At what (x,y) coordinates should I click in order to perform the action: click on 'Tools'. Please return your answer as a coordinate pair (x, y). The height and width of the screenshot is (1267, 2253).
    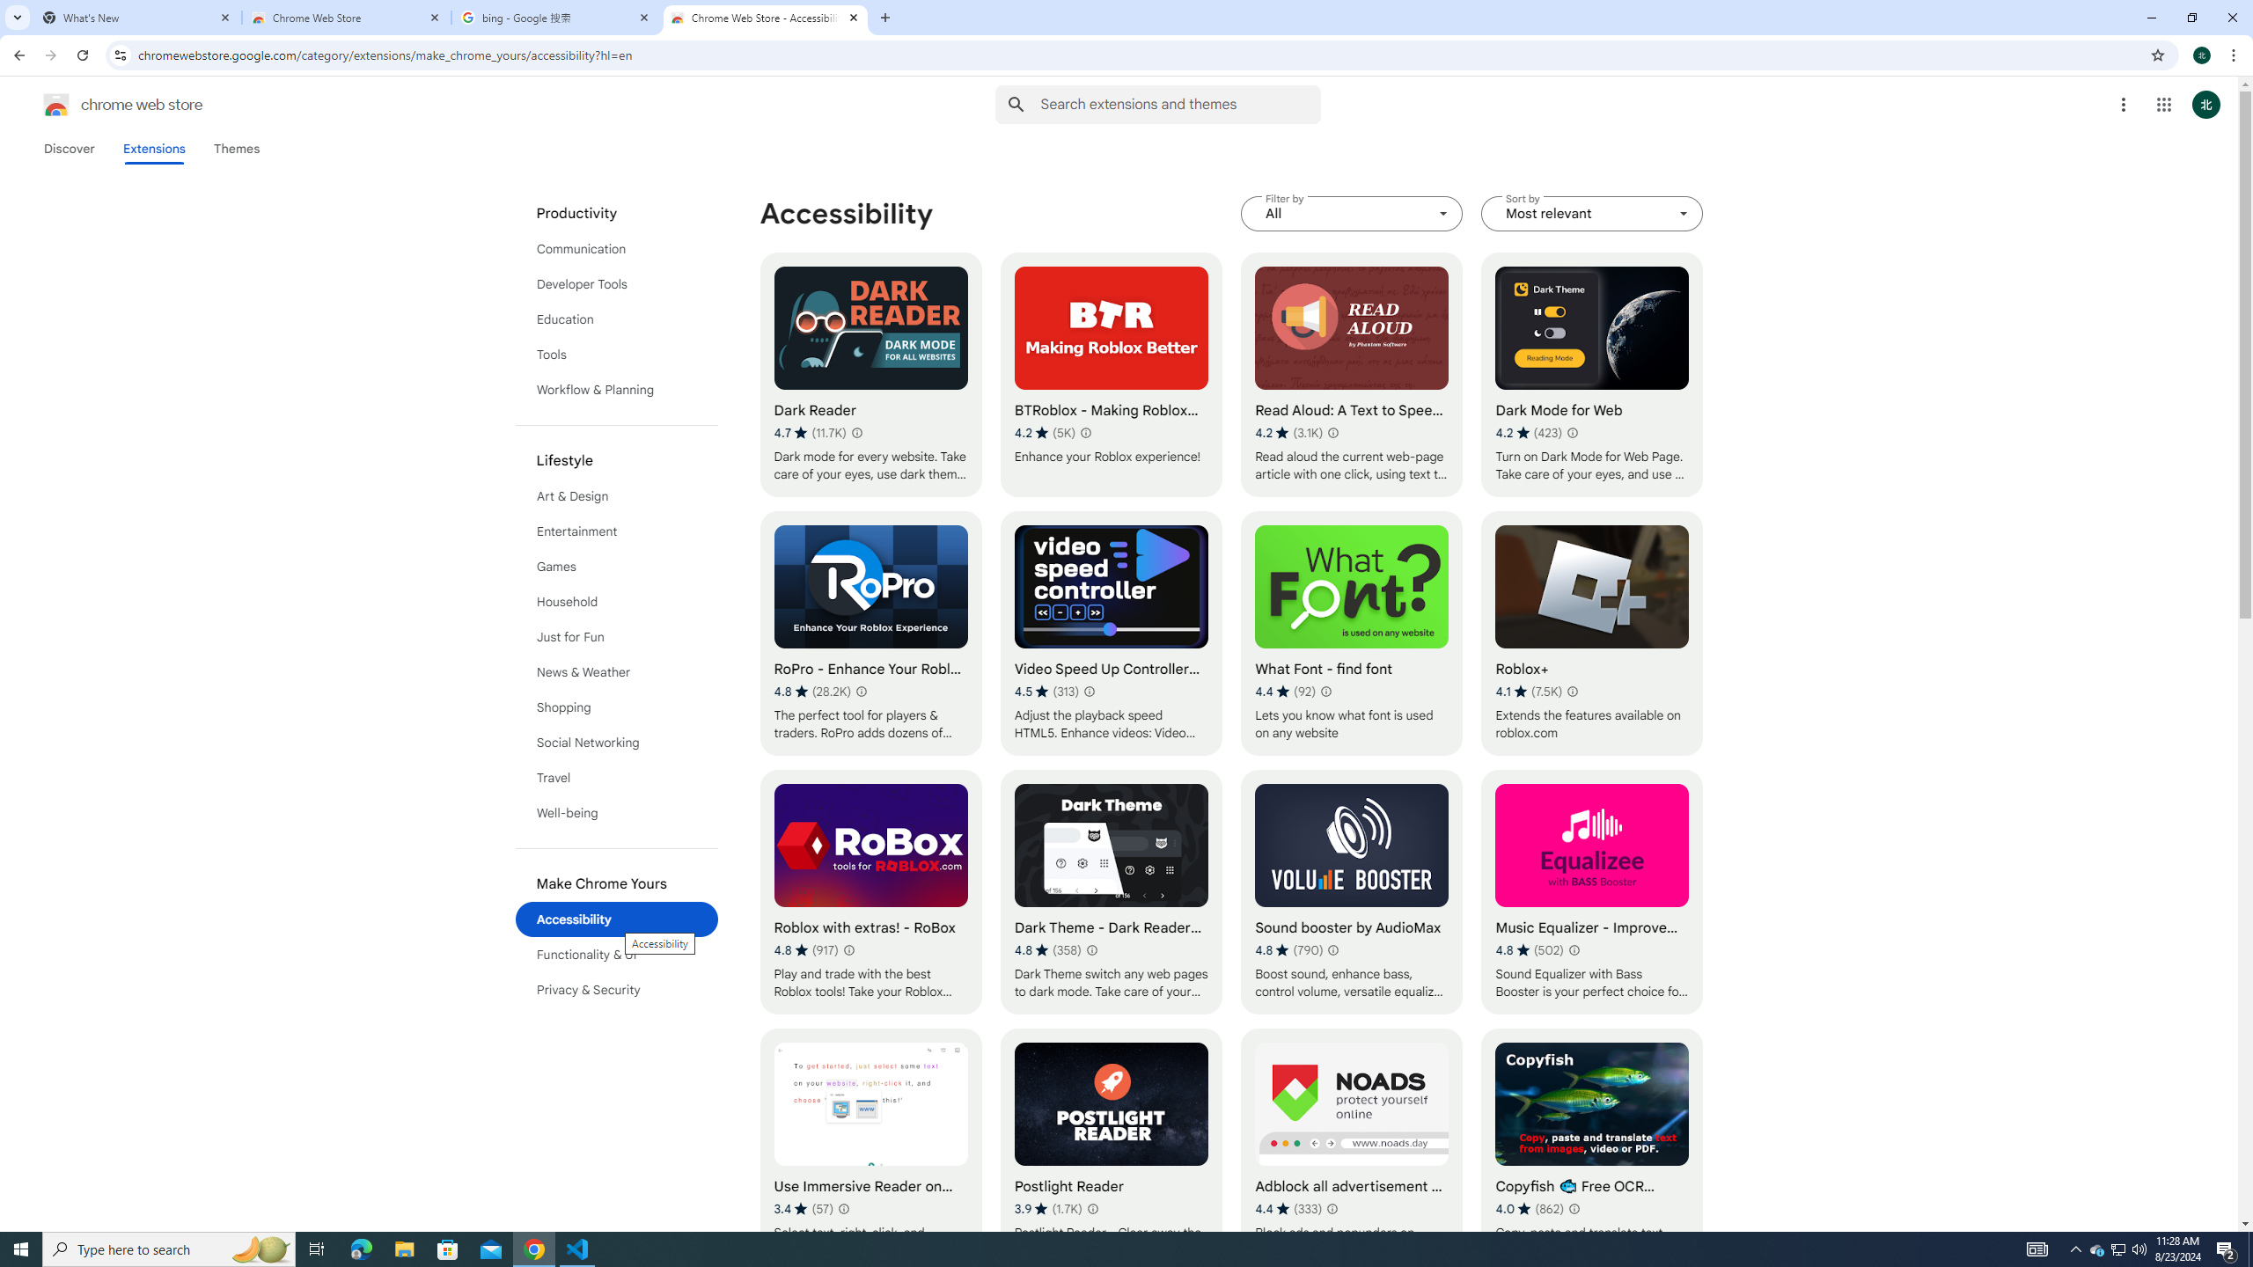
    Looking at the image, I should click on (617, 354).